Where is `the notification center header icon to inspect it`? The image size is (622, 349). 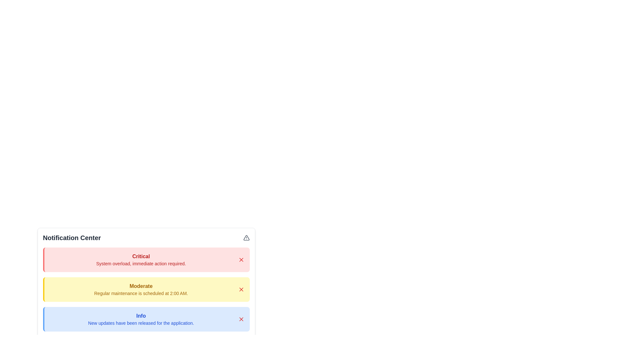
the notification center header icon to inspect it is located at coordinates (246, 238).